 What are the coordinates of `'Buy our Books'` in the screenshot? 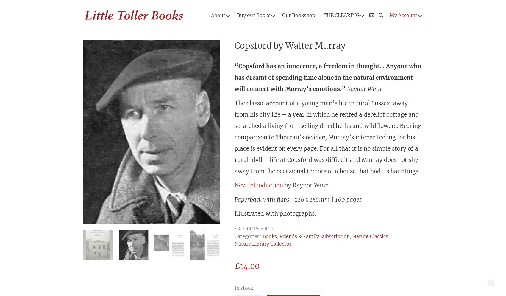 It's located at (254, 15).